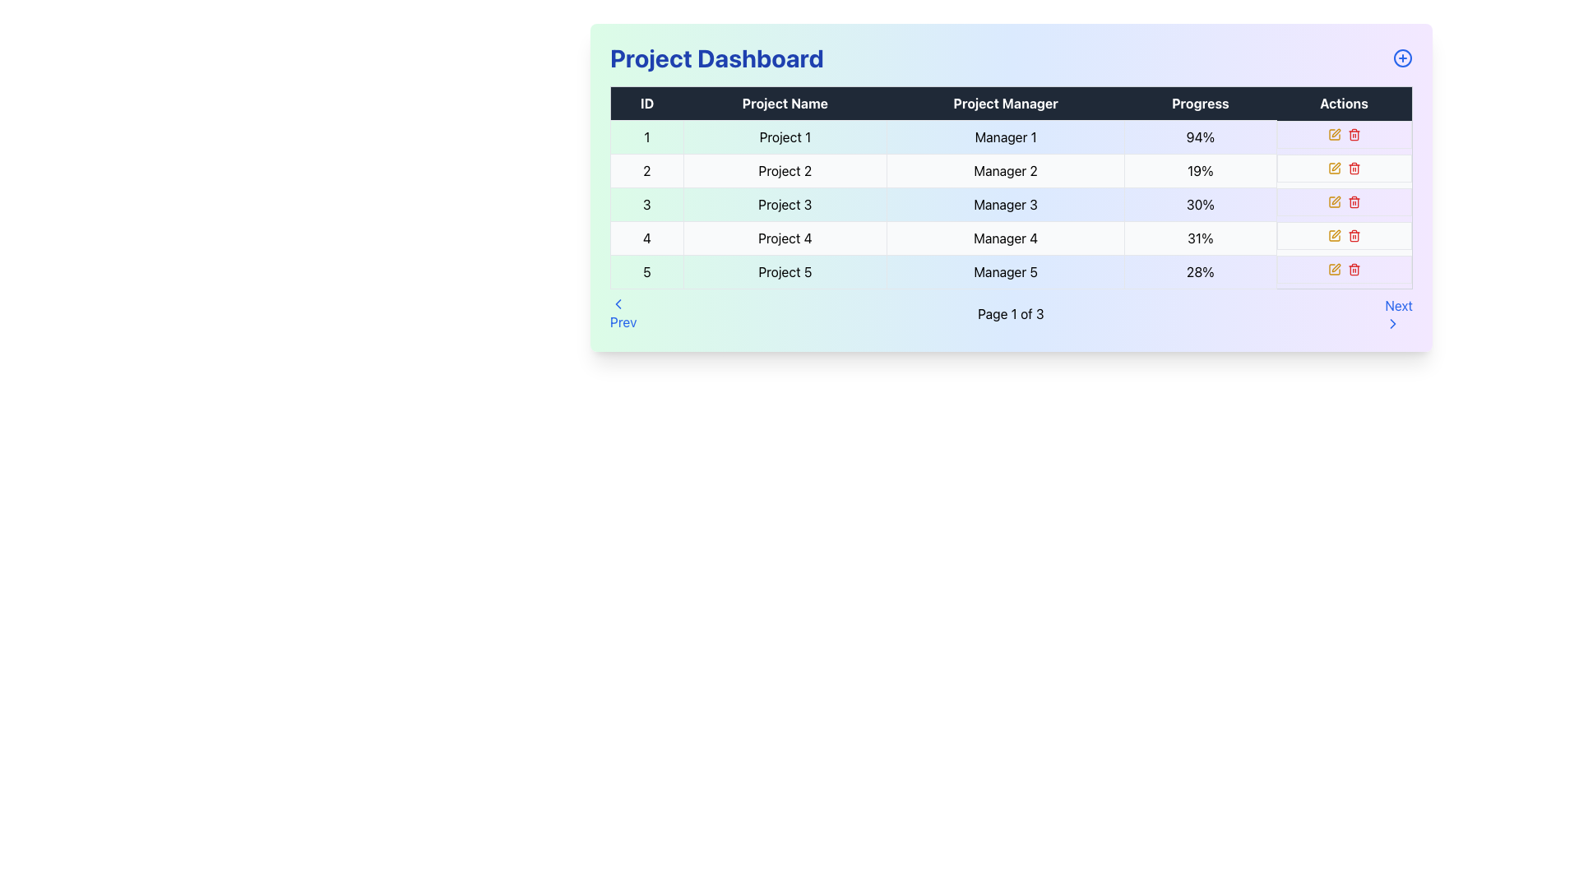 This screenshot has width=1579, height=888. Describe the element at coordinates (1334, 268) in the screenshot. I see `the edit button in the 'Actions' column of the table for 'Project 5' located in the fifth row` at that location.